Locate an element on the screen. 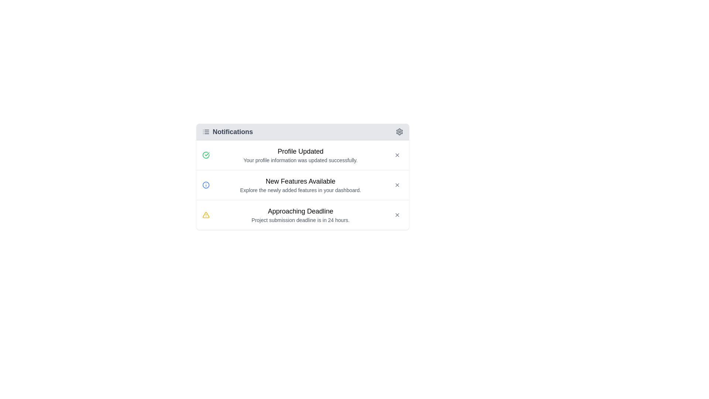  the static text label titled 'Approaching Deadline' in the notification list, which indicates an important update about a project submission deadline is located at coordinates (301, 211).